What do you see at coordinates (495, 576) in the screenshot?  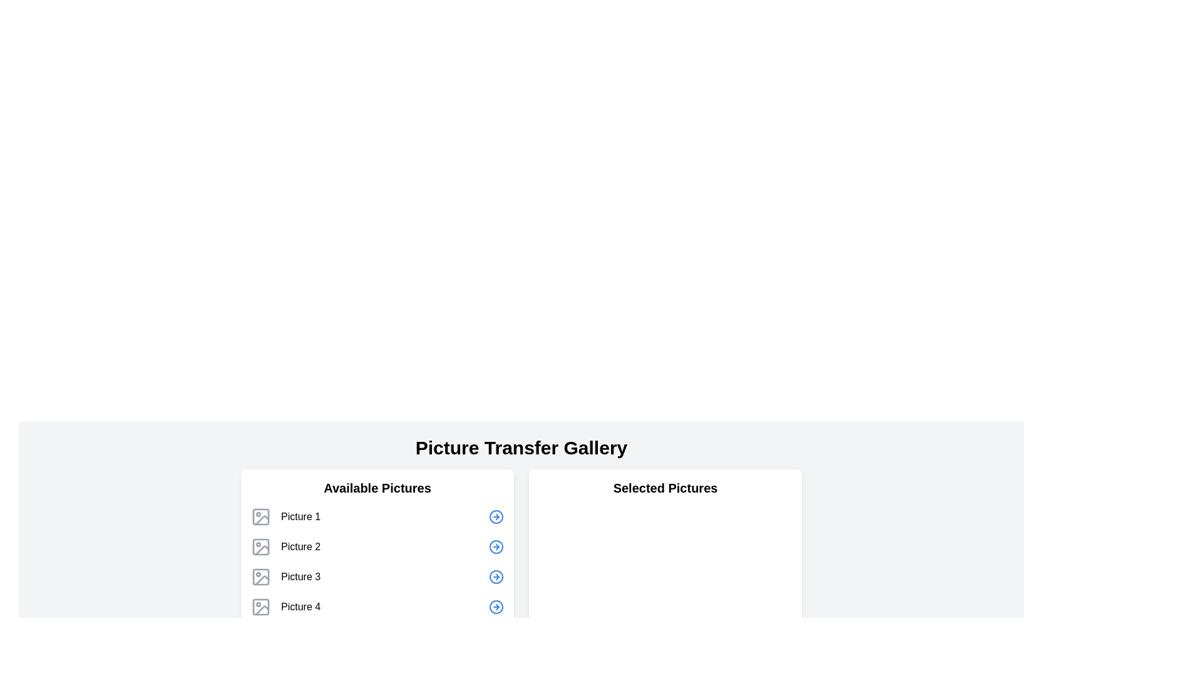 I see `the circular part of the right-arrow icon located to the right of the third picture row in the 'Available Pictures' section` at bounding box center [495, 576].